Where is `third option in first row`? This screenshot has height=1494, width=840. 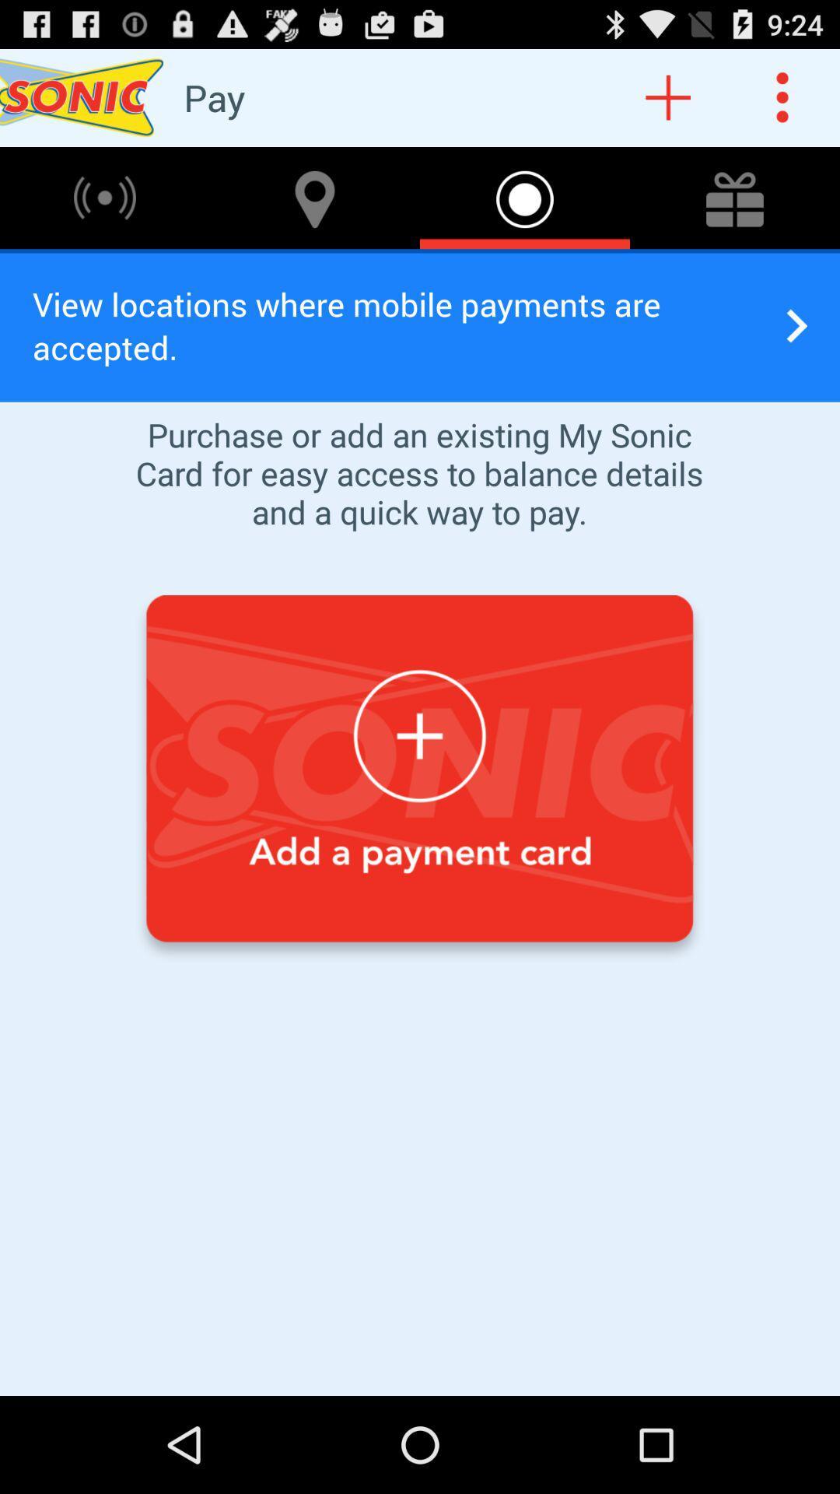
third option in first row is located at coordinates (525, 197).